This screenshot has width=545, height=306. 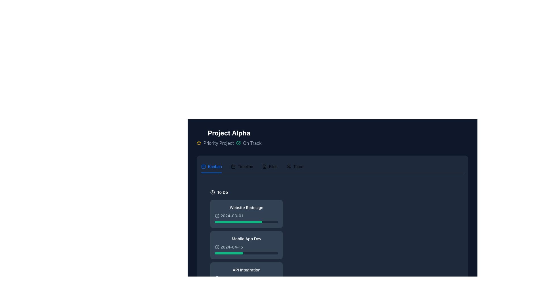 I want to click on the text label that reads 'Website Redesign', so click(x=246, y=207).